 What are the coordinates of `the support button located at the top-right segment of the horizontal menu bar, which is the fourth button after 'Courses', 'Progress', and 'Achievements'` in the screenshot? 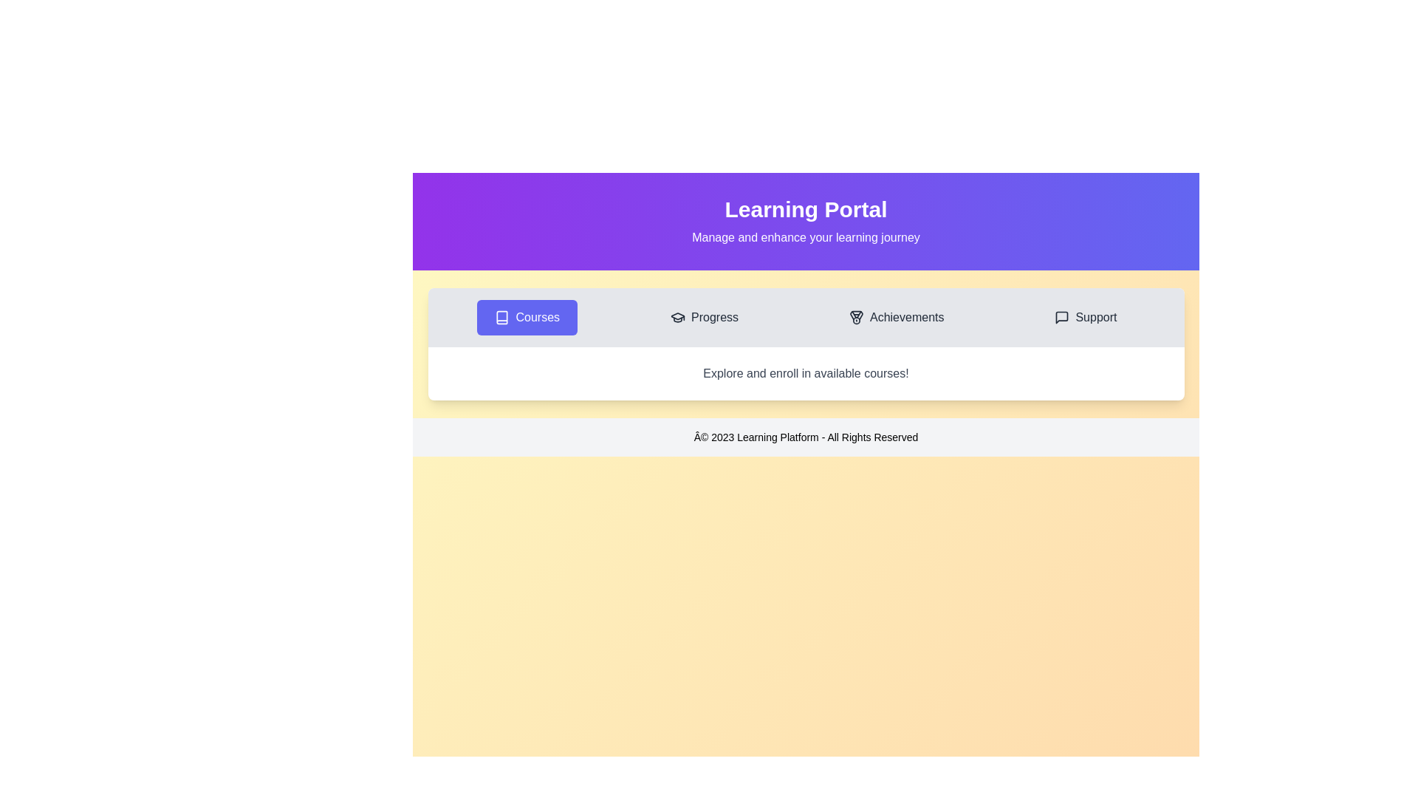 It's located at (1086, 316).